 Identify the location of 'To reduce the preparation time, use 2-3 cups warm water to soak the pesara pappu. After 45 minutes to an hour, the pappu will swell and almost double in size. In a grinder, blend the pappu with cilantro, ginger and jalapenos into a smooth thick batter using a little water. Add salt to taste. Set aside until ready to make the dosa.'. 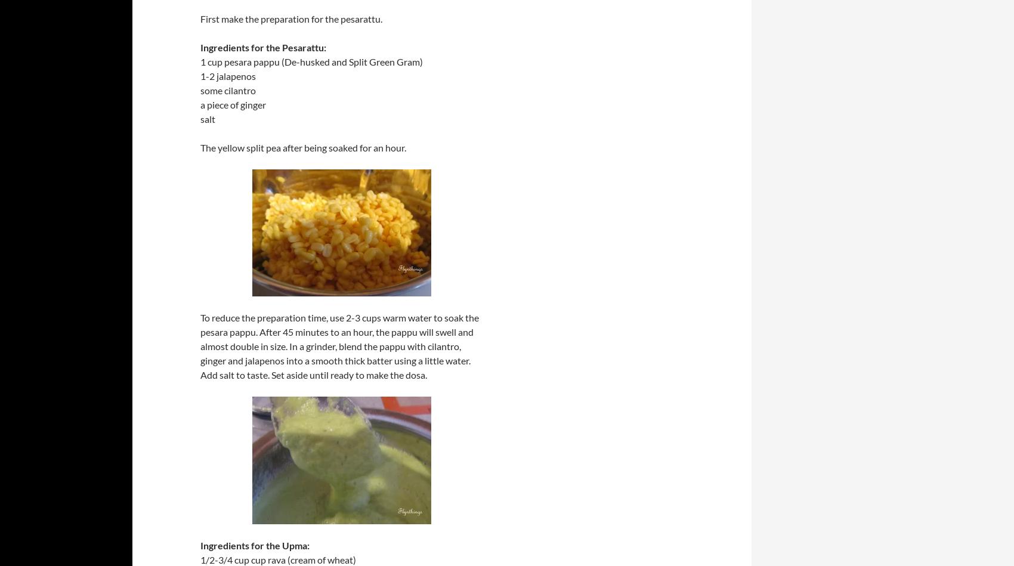
(199, 345).